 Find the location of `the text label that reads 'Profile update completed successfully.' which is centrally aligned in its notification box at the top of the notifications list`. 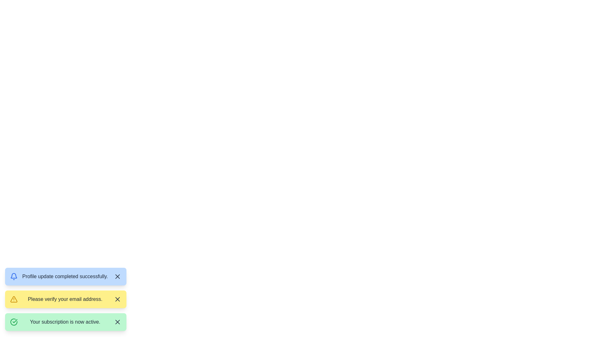

the text label that reads 'Profile update completed successfully.' which is centrally aligned in its notification box at the top of the notifications list is located at coordinates (65, 276).